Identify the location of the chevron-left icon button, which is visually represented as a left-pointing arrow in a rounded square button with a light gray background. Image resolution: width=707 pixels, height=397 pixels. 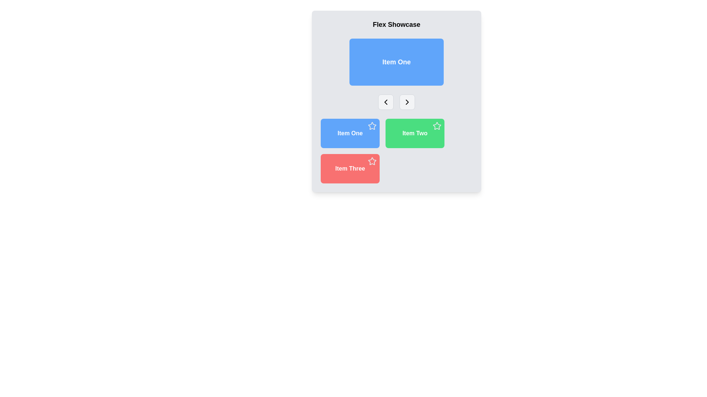
(385, 102).